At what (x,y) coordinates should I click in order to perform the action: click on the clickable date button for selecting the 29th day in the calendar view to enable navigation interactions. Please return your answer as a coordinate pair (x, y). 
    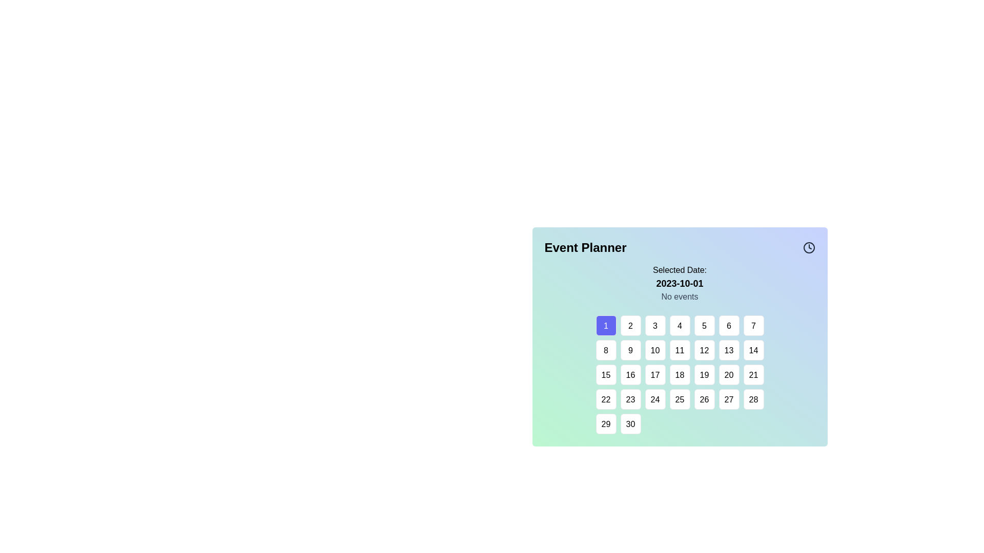
    Looking at the image, I should click on (606, 424).